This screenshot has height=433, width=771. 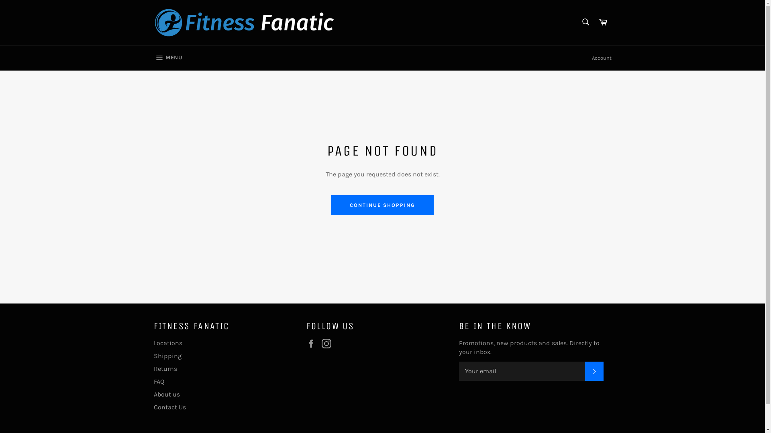 What do you see at coordinates (167, 355) in the screenshot?
I see `'Shipping'` at bounding box center [167, 355].